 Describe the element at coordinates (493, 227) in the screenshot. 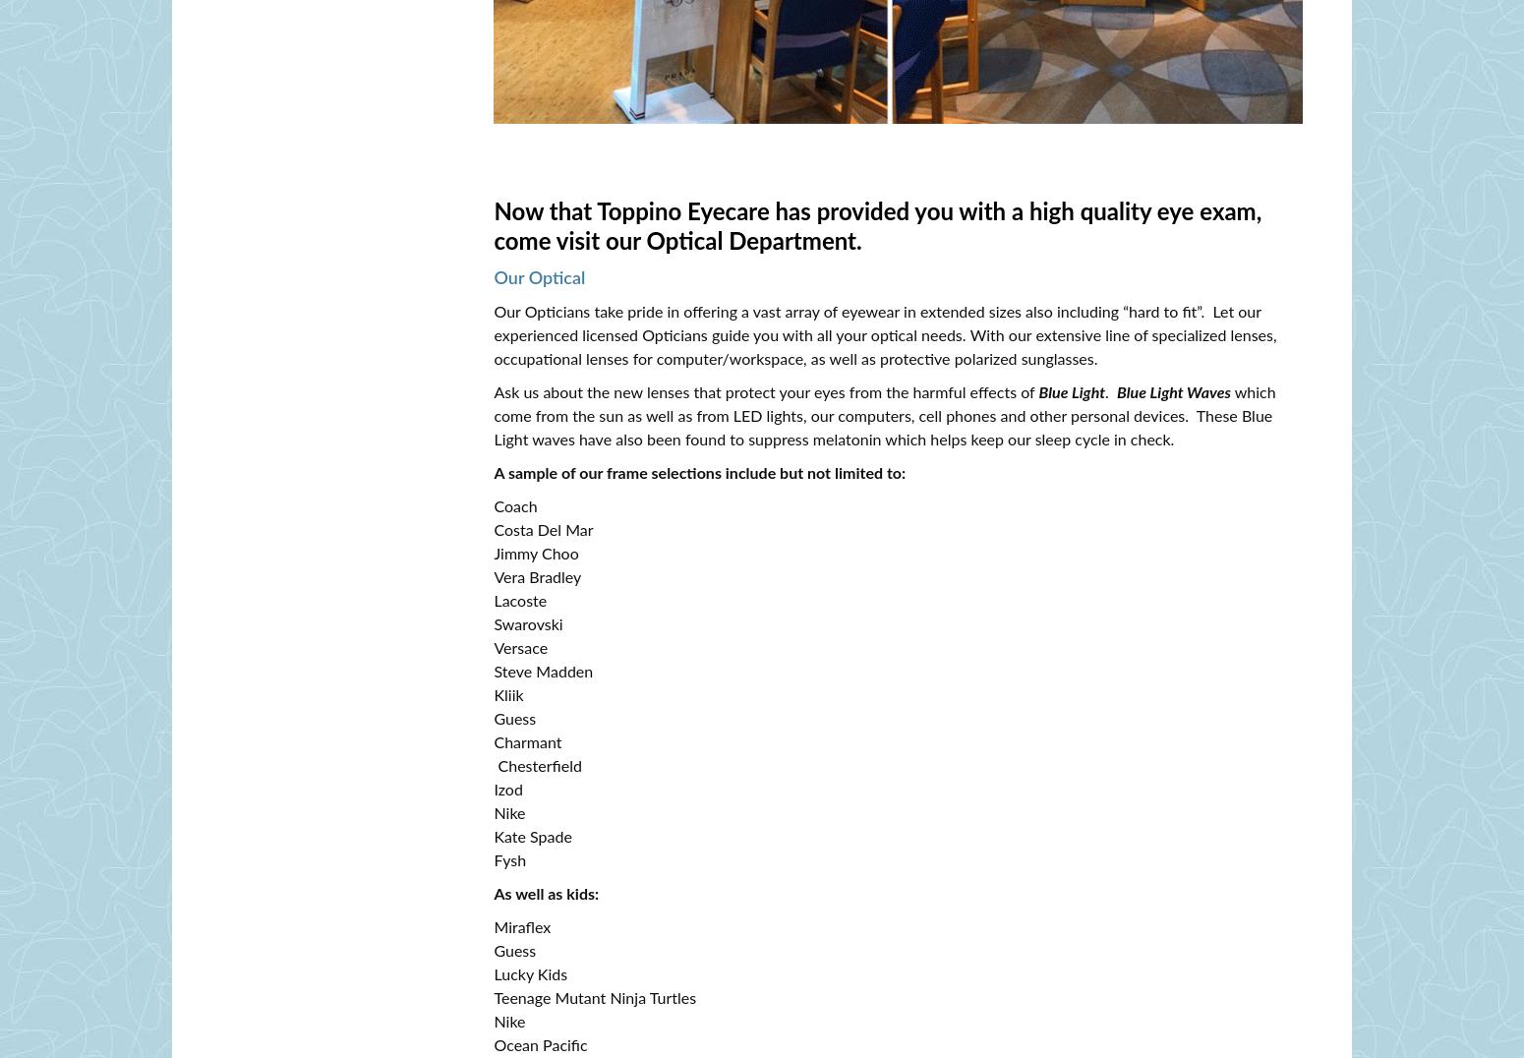

I see `'Now that Toppino Eyecare has provided you with a high quality eye exam, come visit our Optical Department.'` at that location.